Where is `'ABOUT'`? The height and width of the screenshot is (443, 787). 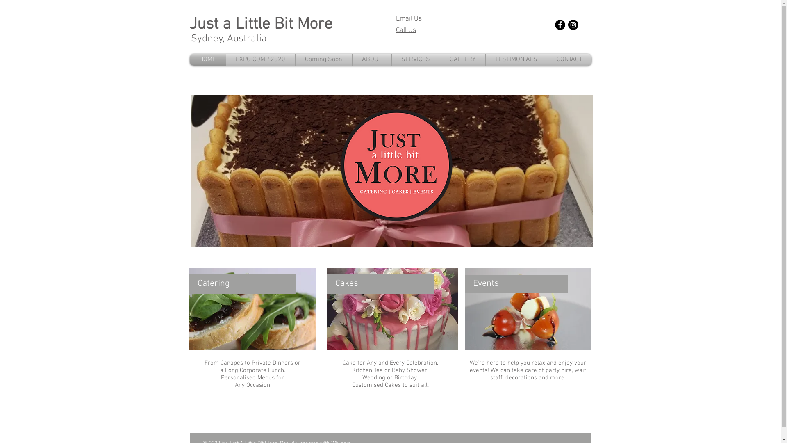
'ABOUT' is located at coordinates (371, 59).